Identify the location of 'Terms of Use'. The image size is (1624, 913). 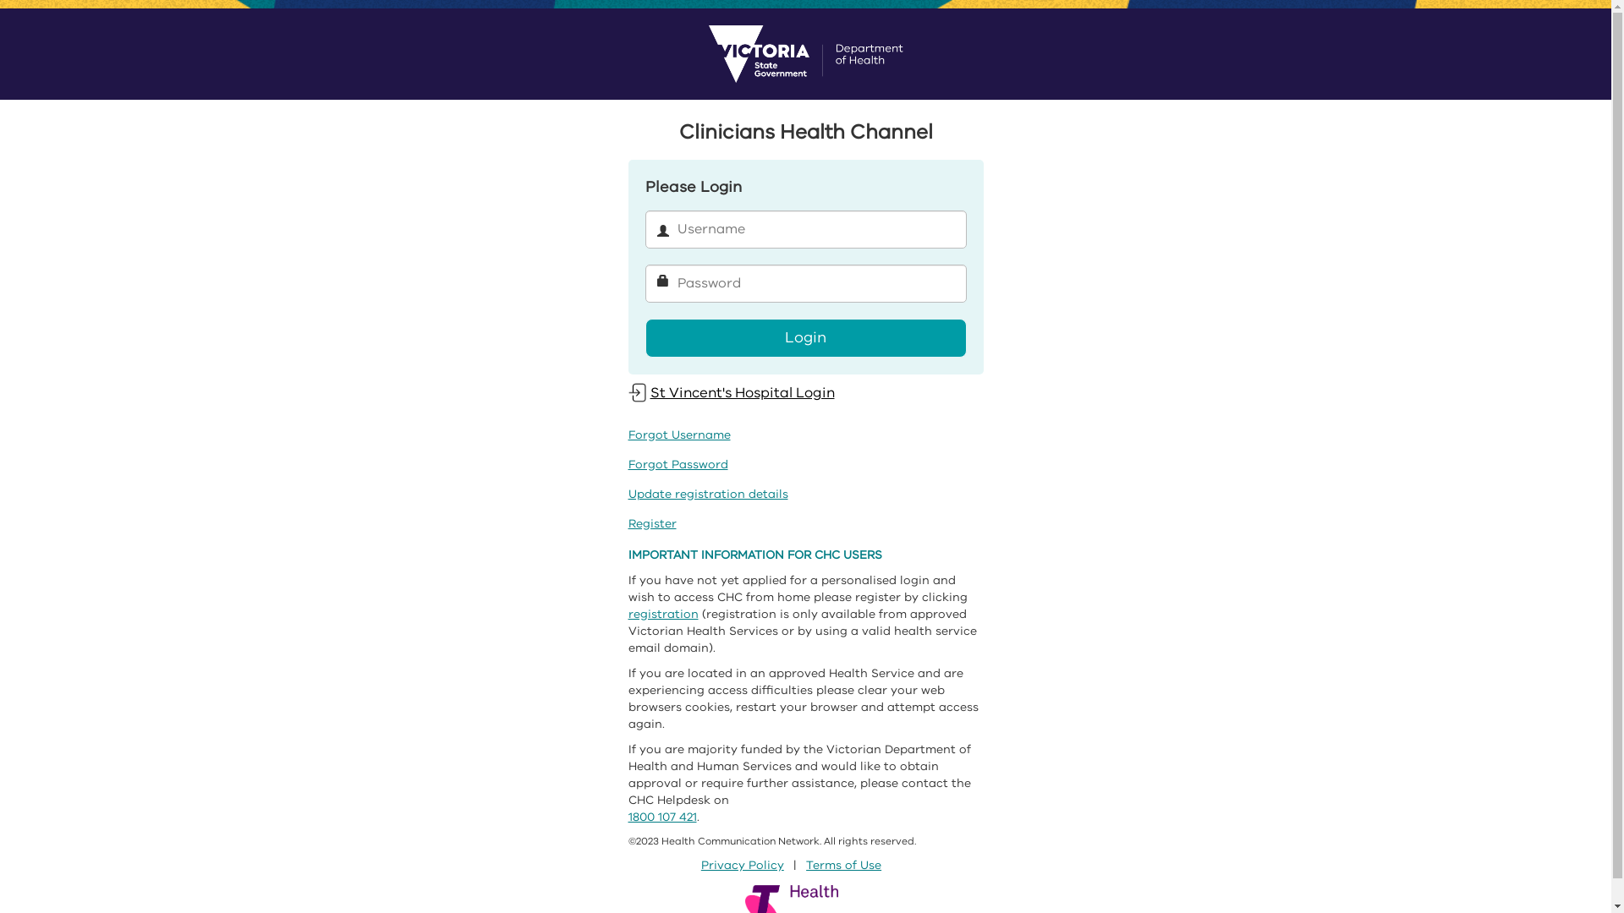
(843, 865).